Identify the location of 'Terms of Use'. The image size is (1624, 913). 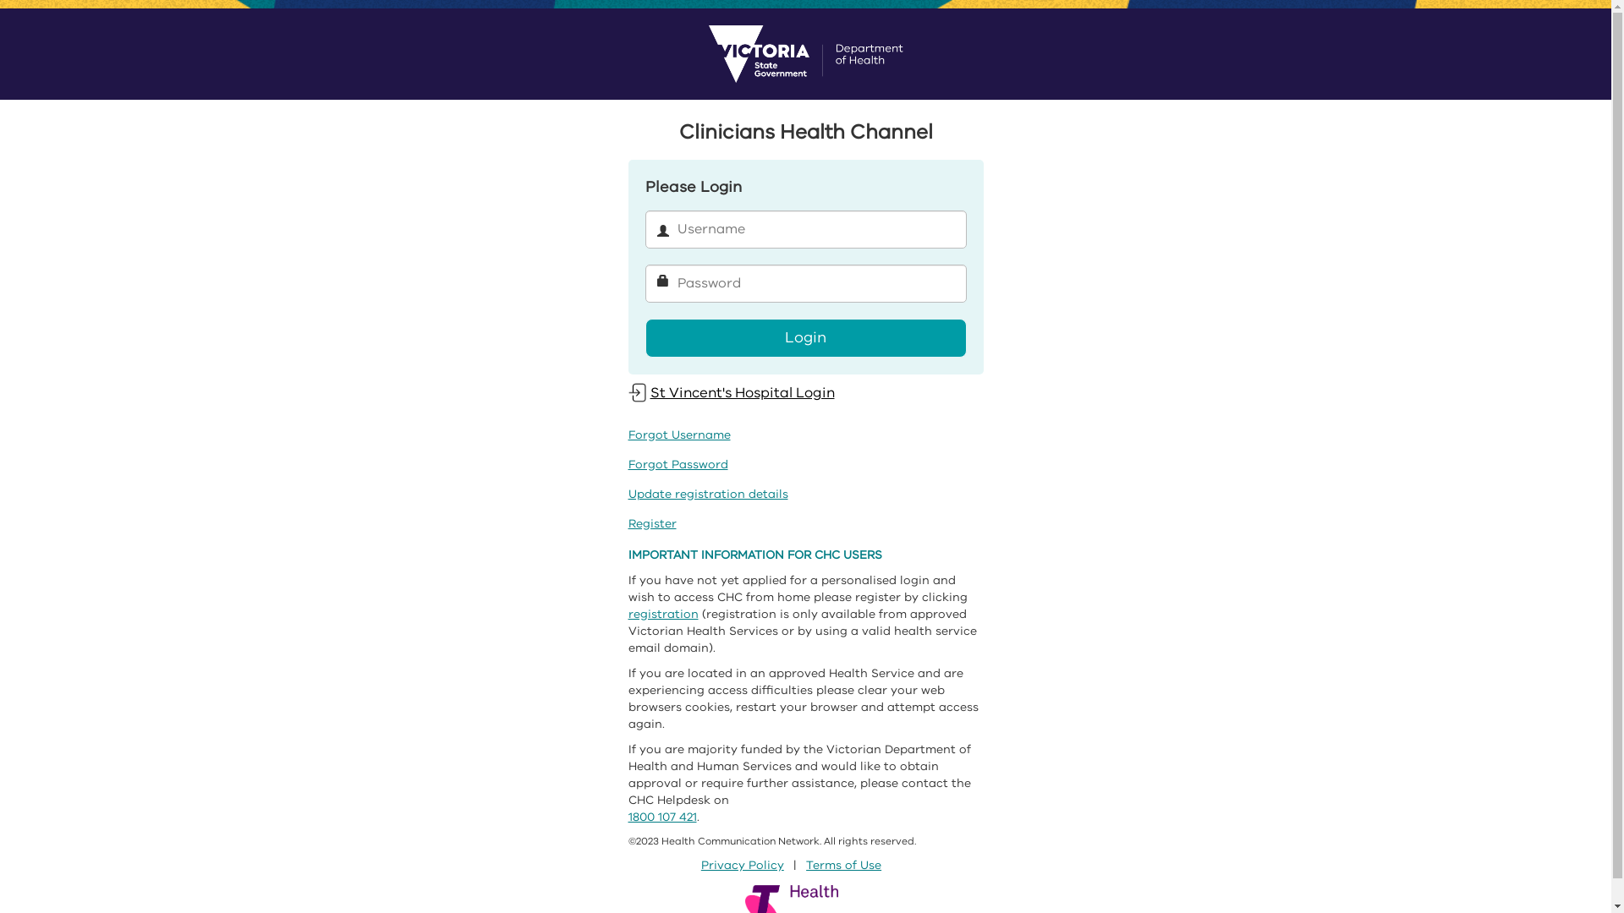
(843, 865).